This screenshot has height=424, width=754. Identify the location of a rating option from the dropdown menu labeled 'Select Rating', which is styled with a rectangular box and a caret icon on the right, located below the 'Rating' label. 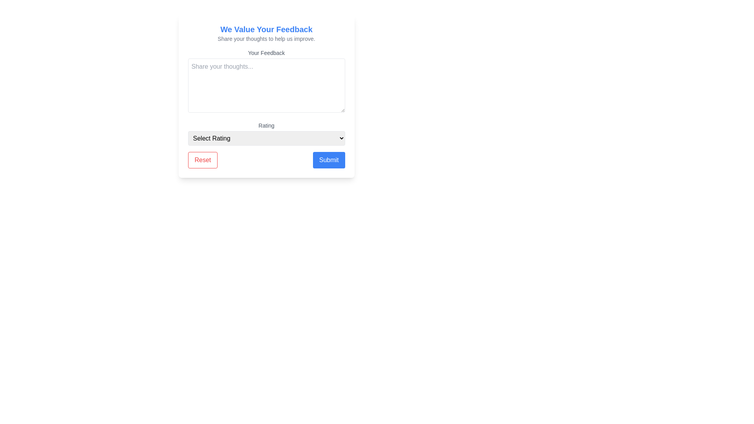
(266, 138).